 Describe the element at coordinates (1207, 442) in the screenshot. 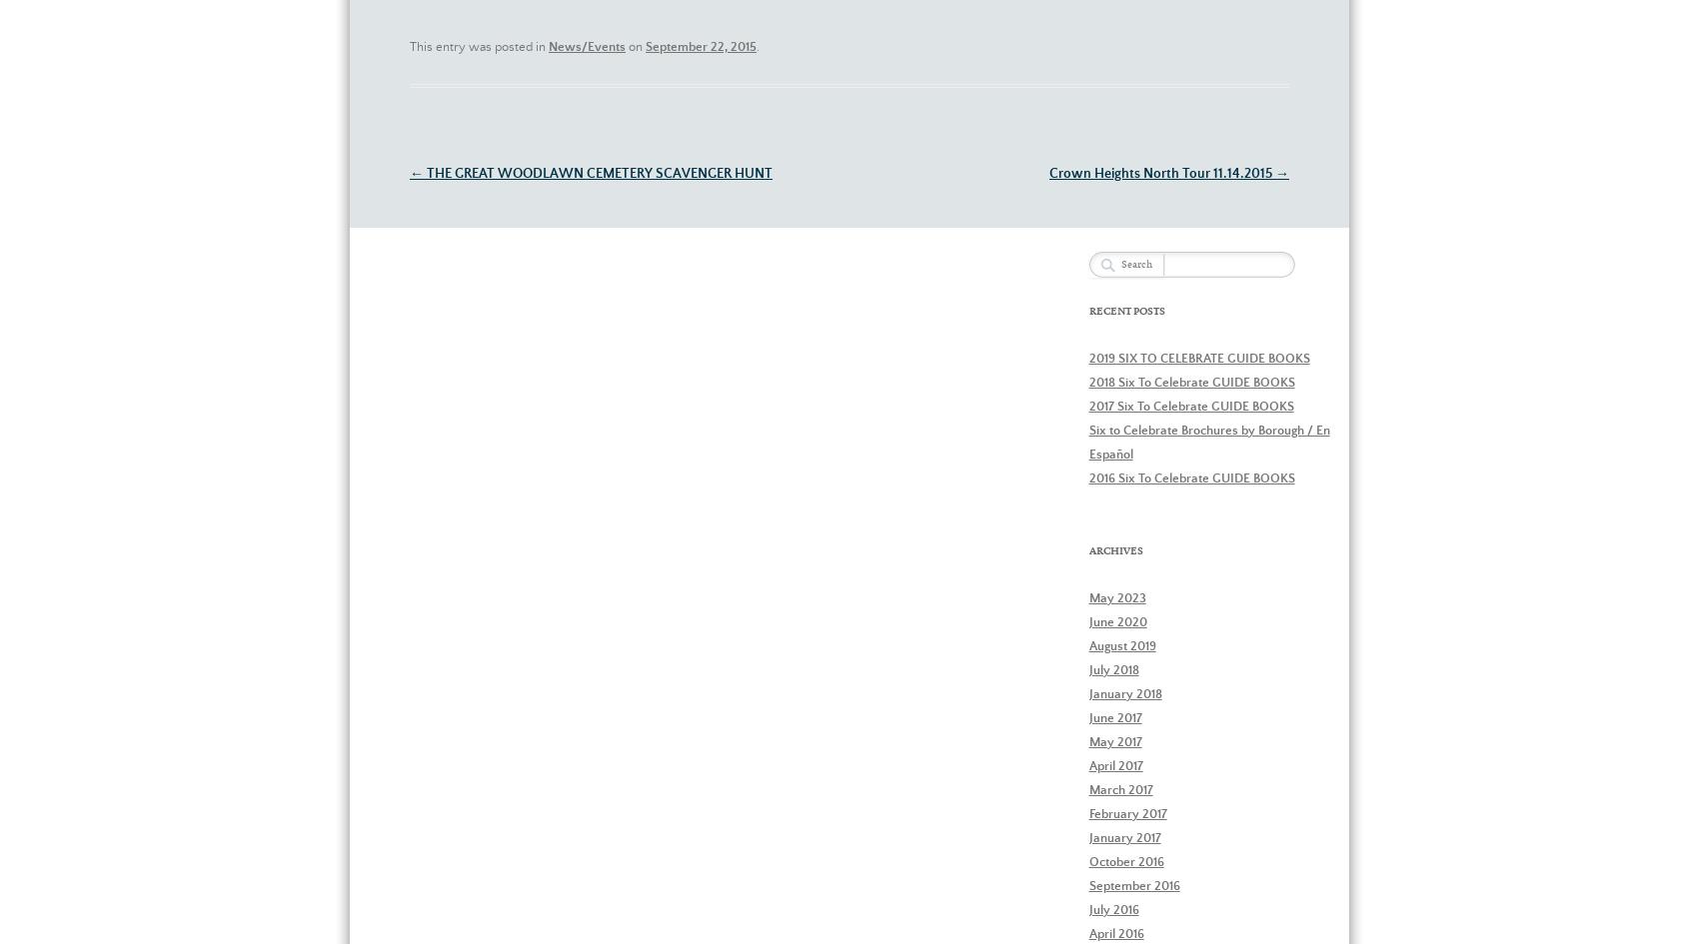

I see `'Six to Celebrate Brochures by Borough /  En Español'` at that location.